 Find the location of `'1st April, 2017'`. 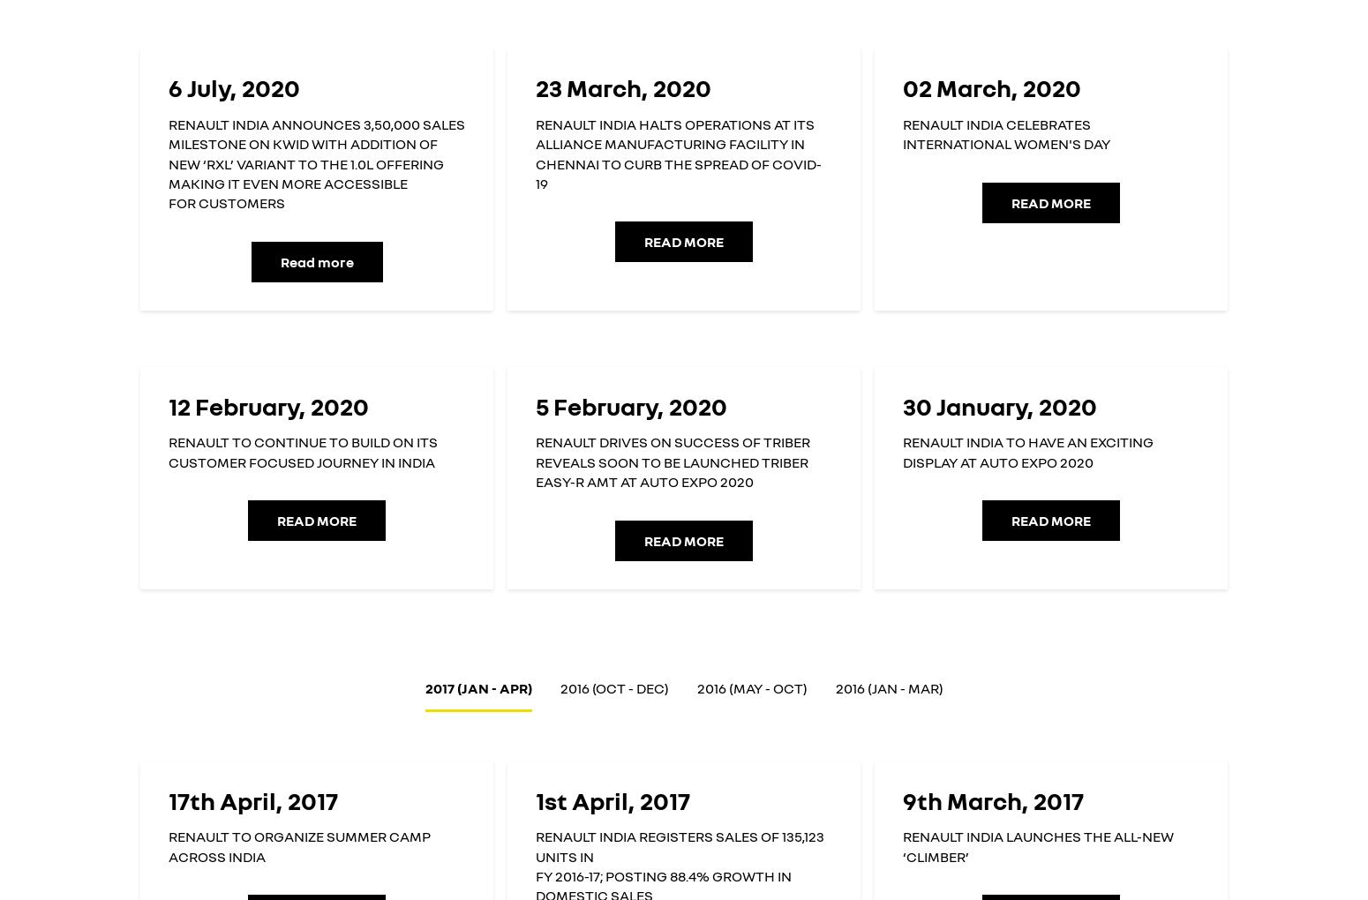

'1st April, 2017' is located at coordinates (535, 799).